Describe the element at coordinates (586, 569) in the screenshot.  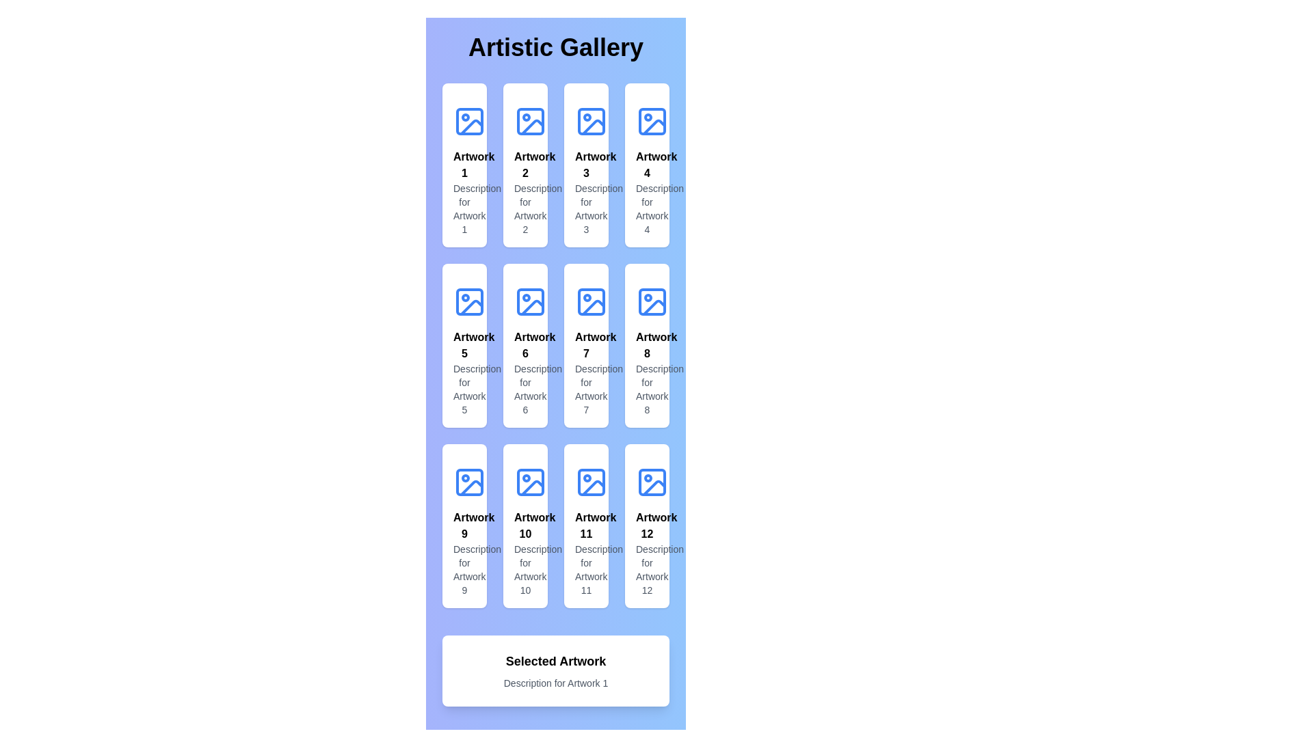
I see `the descriptive text label located below 'Artwork 11' in the eleventh card of the grid layout, which is the third card in the fourth row` at that location.